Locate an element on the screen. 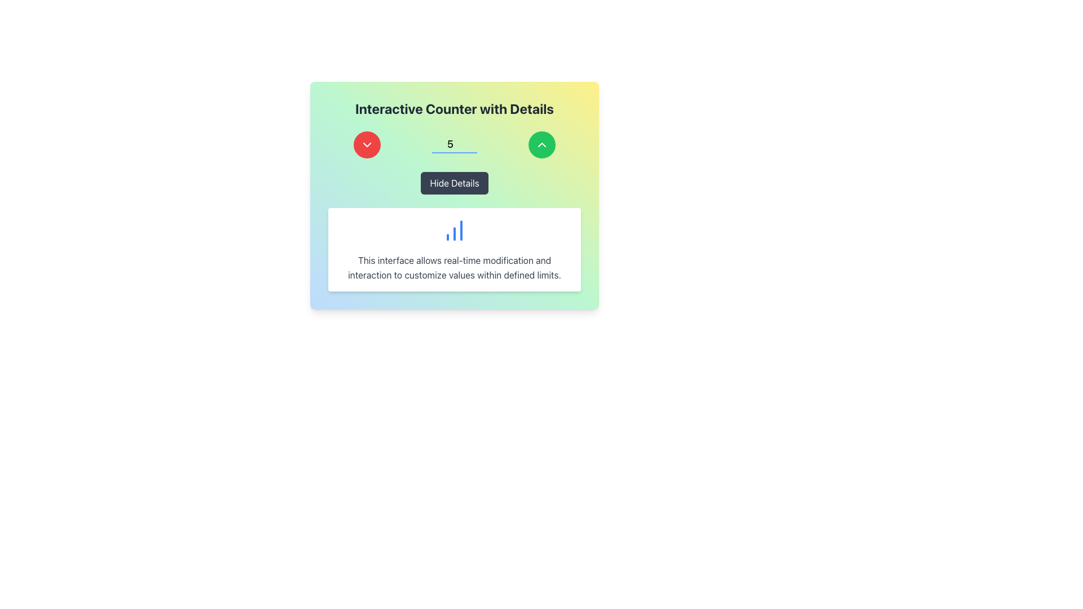 This screenshot has width=1083, height=609. the bright red circular button with a white downward-pointing chevron icon, located below the 'Interactive Counter with Details' text, to decrement the counter value is located at coordinates (367, 144).